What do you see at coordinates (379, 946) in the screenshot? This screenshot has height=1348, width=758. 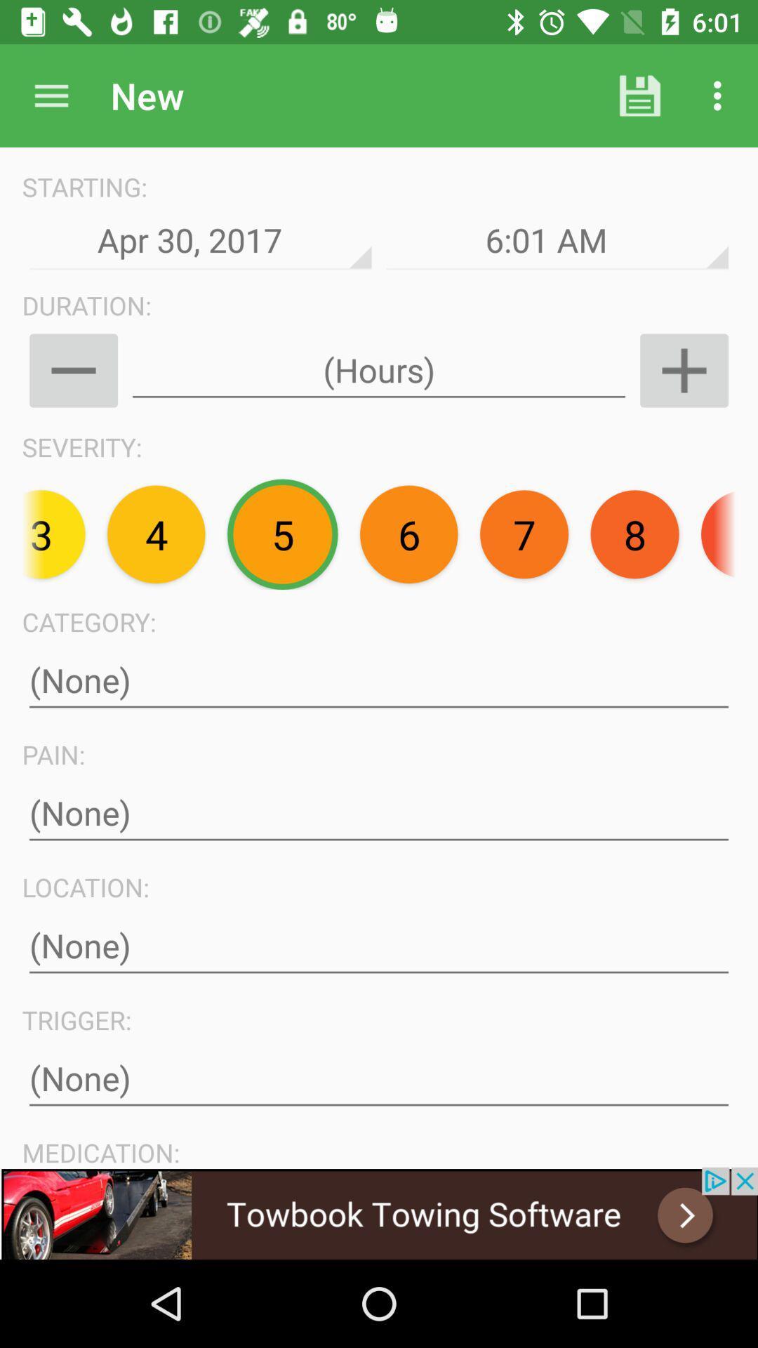 I see `description` at bounding box center [379, 946].